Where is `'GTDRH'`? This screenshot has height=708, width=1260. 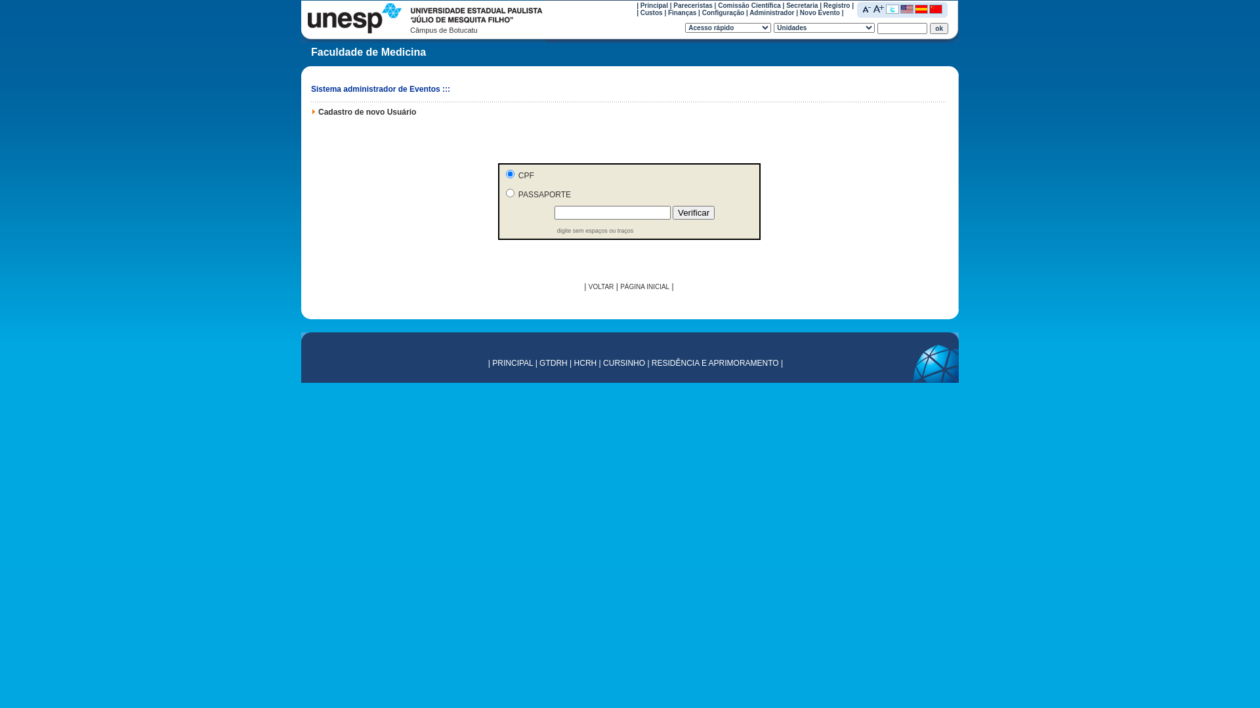 'GTDRH' is located at coordinates (539, 363).